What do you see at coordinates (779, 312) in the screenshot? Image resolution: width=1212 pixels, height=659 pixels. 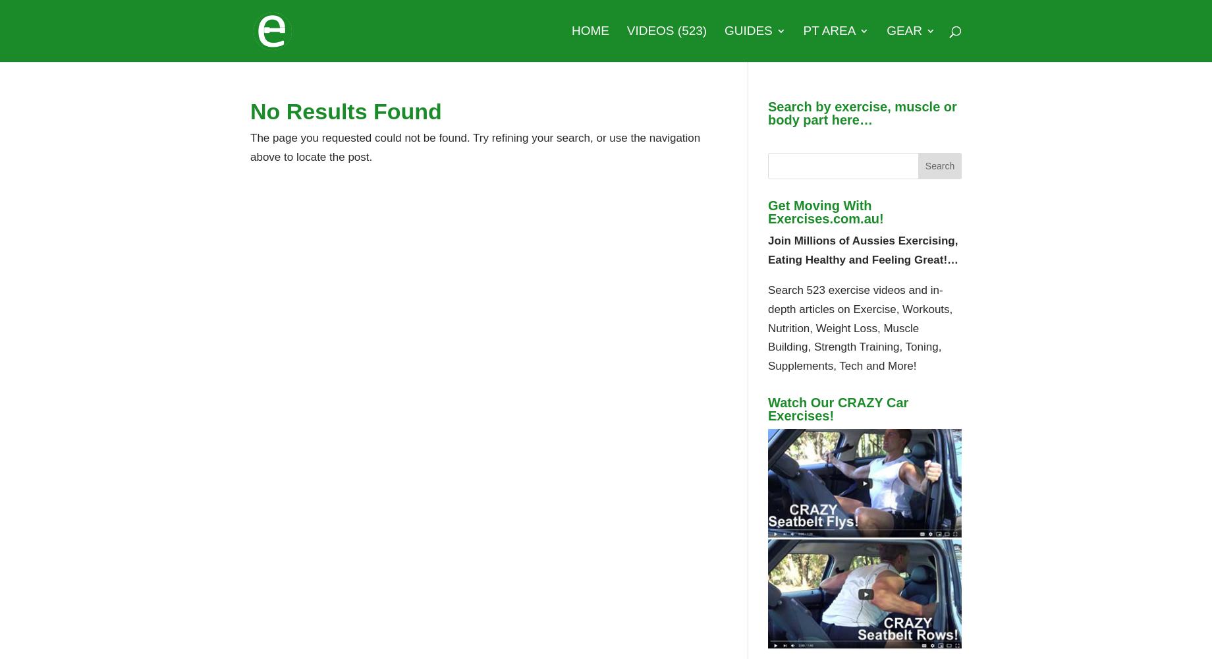 I see `'Healthy Eating'` at bounding box center [779, 312].